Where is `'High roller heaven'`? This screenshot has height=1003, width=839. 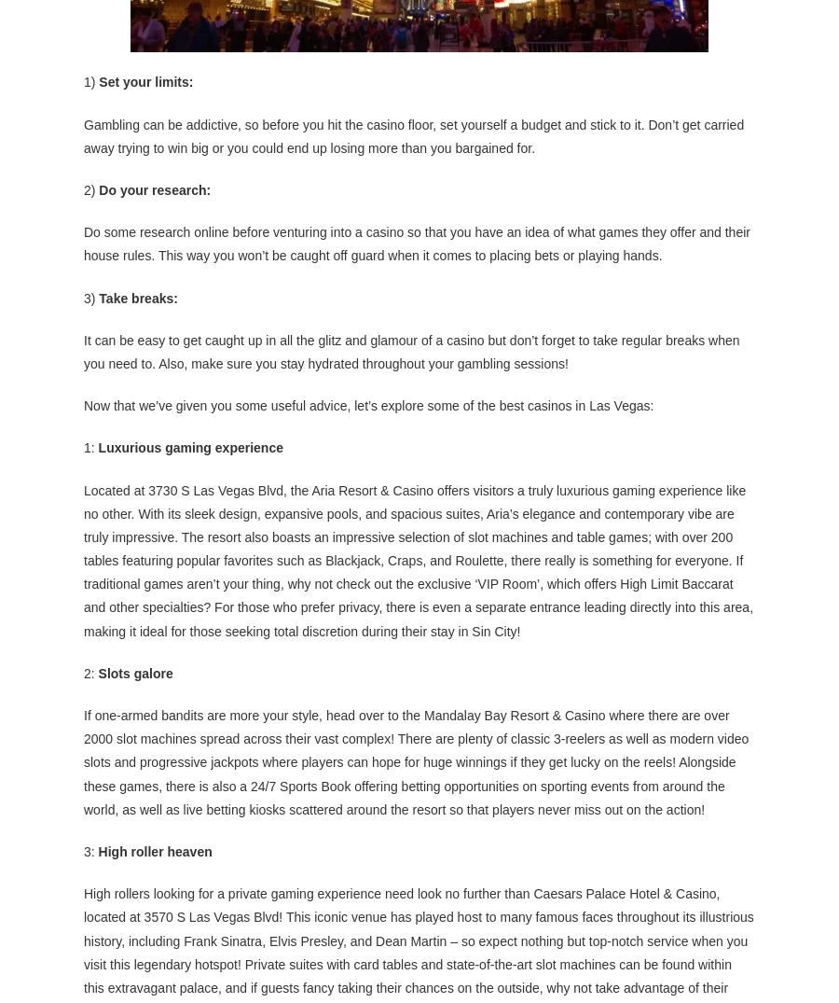
'High roller heaven' is located at coordinates (157, 848).